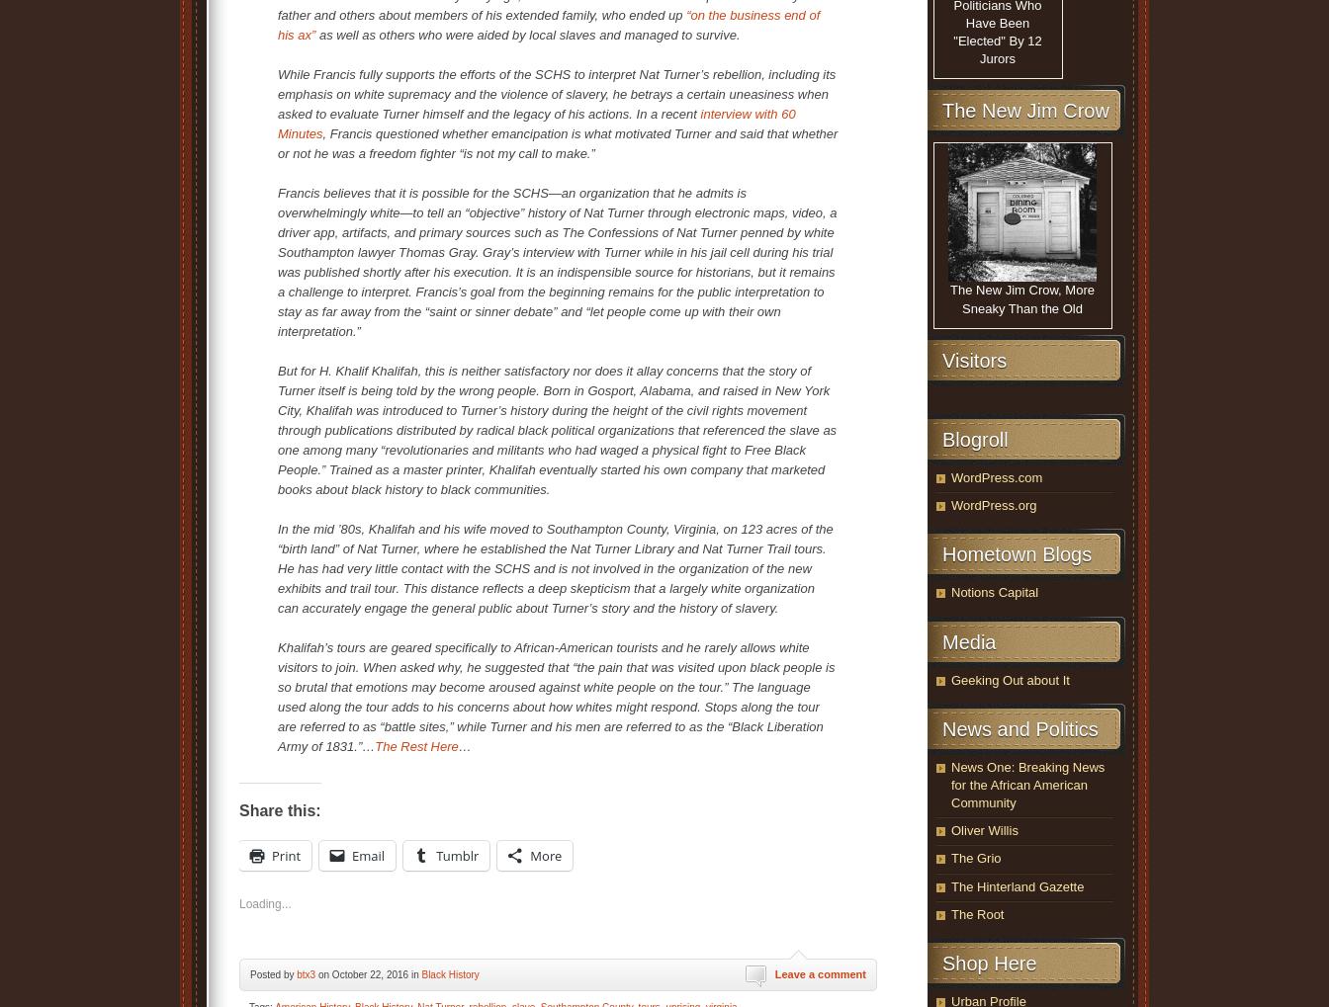 The image size is (1329, 1007). I want to click on 'penned by white Southampton lawyer Thomas Gray. Gray’s interview with Turner while in his jail cell during his trial was published shortly after his execution. It is an indispensible source for historians, but it remains a challenge to interpret. Francis’s goal from the beginning remains for the public interpretation to stay as far away from the “saint or sinner debate” and “let people come up with their own interpretation.”', so click(556, 280).